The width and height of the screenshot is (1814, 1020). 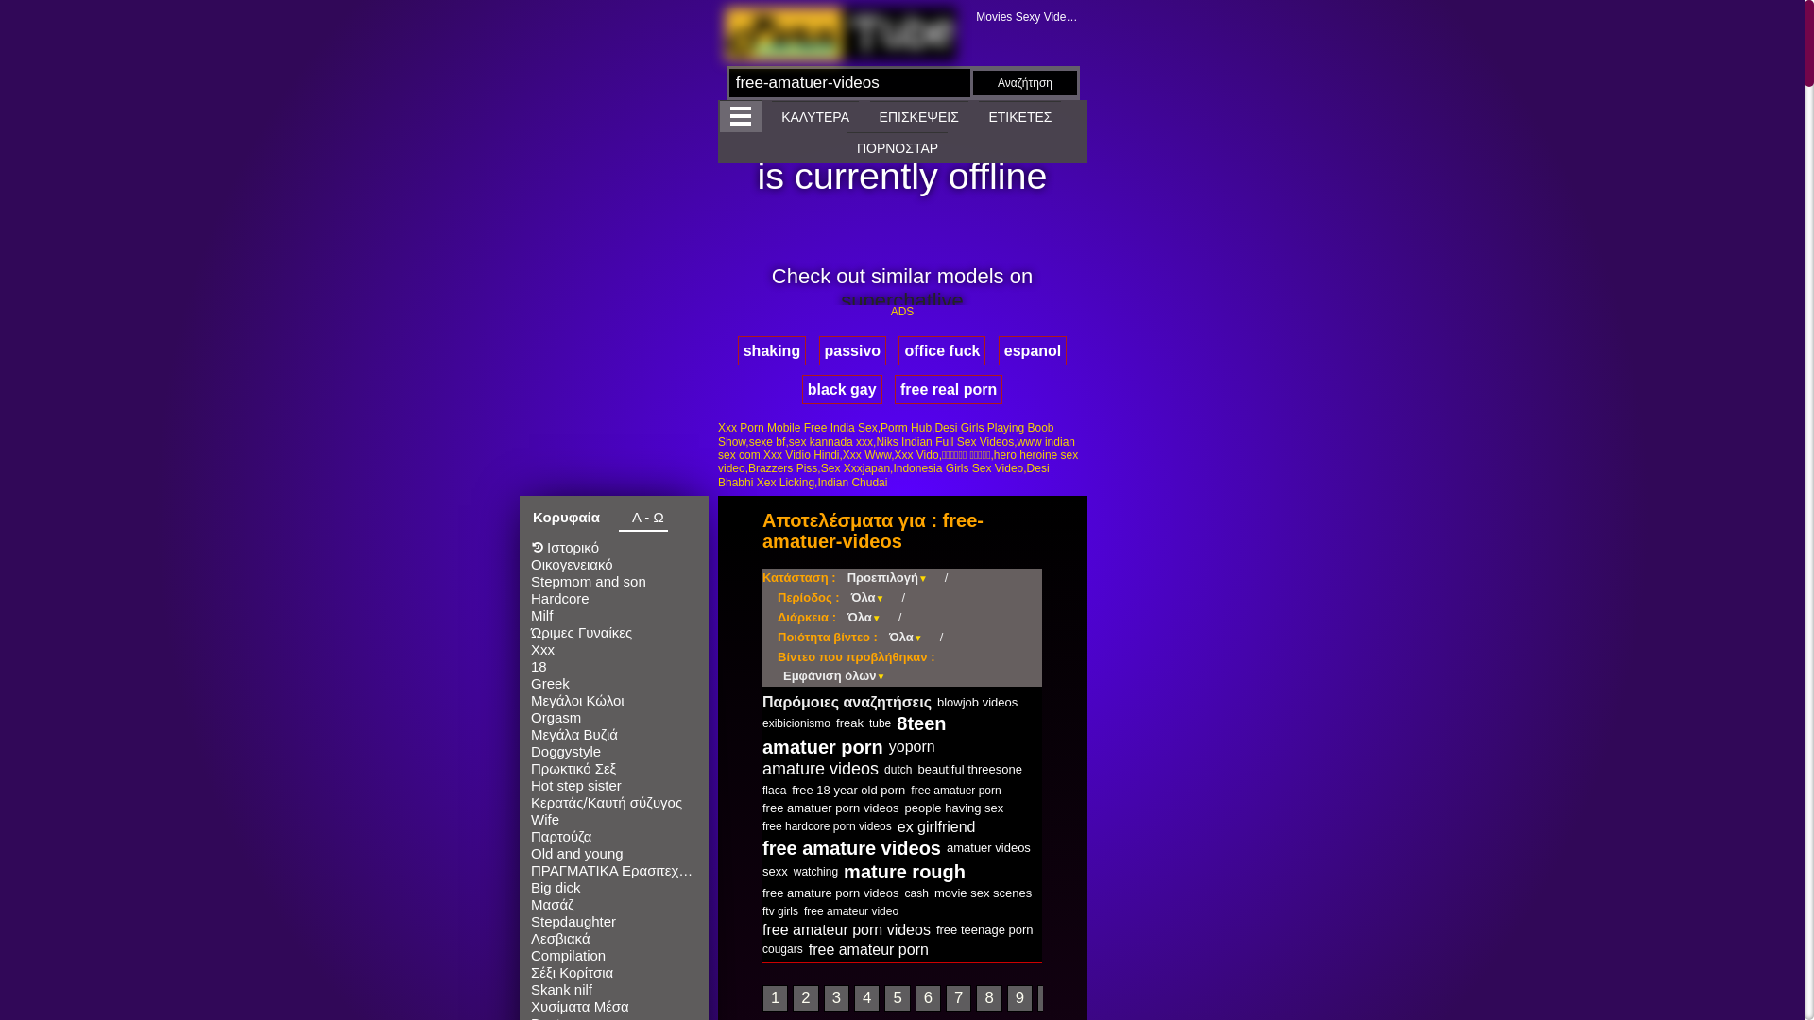 I want to click on 'cash', so click(x=916, y=892).